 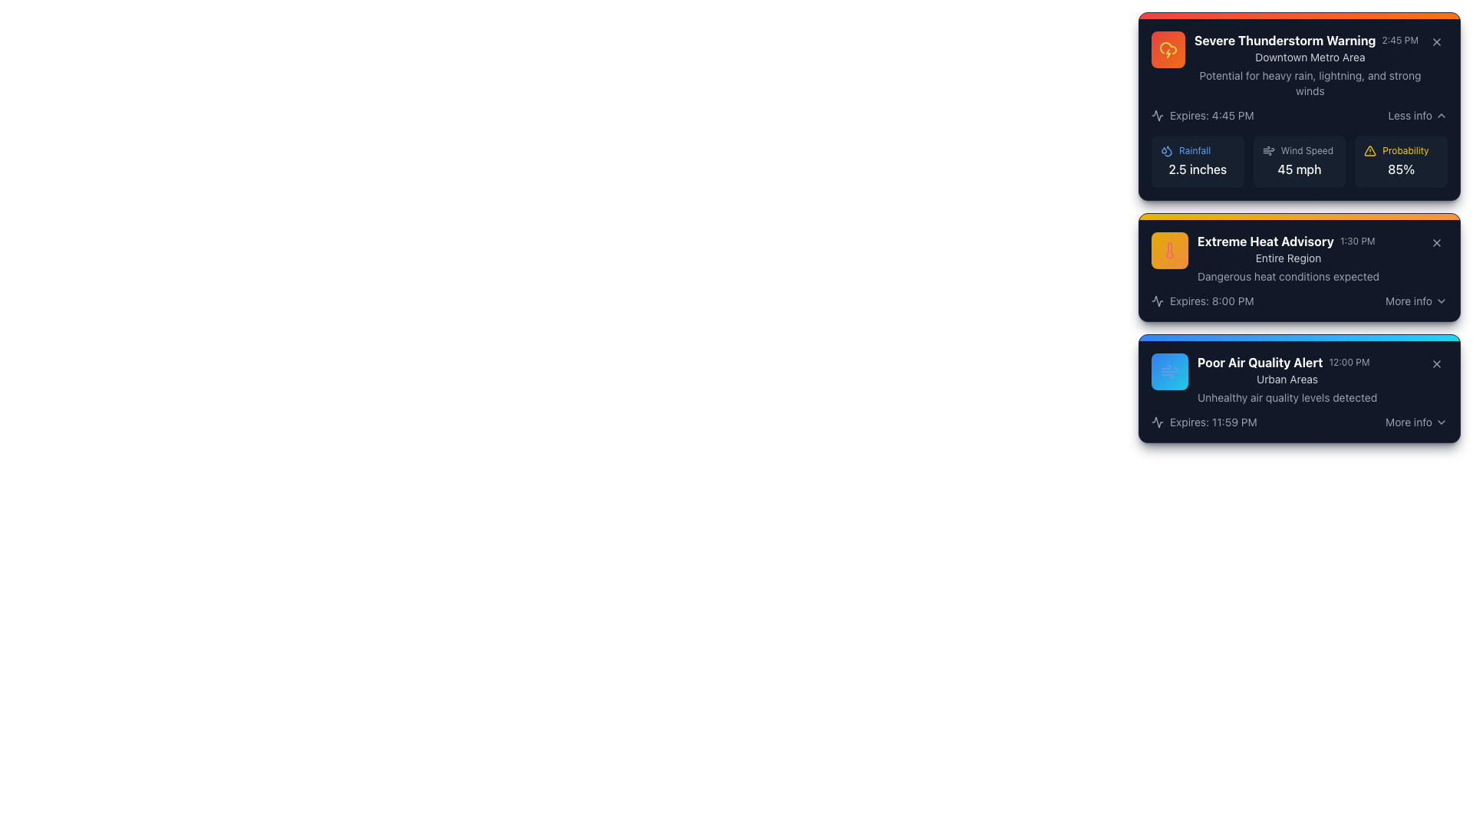 I want to click on the text label reading 'Downtown Metro Area' within the weather alert card titled 'Severe Thunderstorm Warning', so click(x=1310, y=56).